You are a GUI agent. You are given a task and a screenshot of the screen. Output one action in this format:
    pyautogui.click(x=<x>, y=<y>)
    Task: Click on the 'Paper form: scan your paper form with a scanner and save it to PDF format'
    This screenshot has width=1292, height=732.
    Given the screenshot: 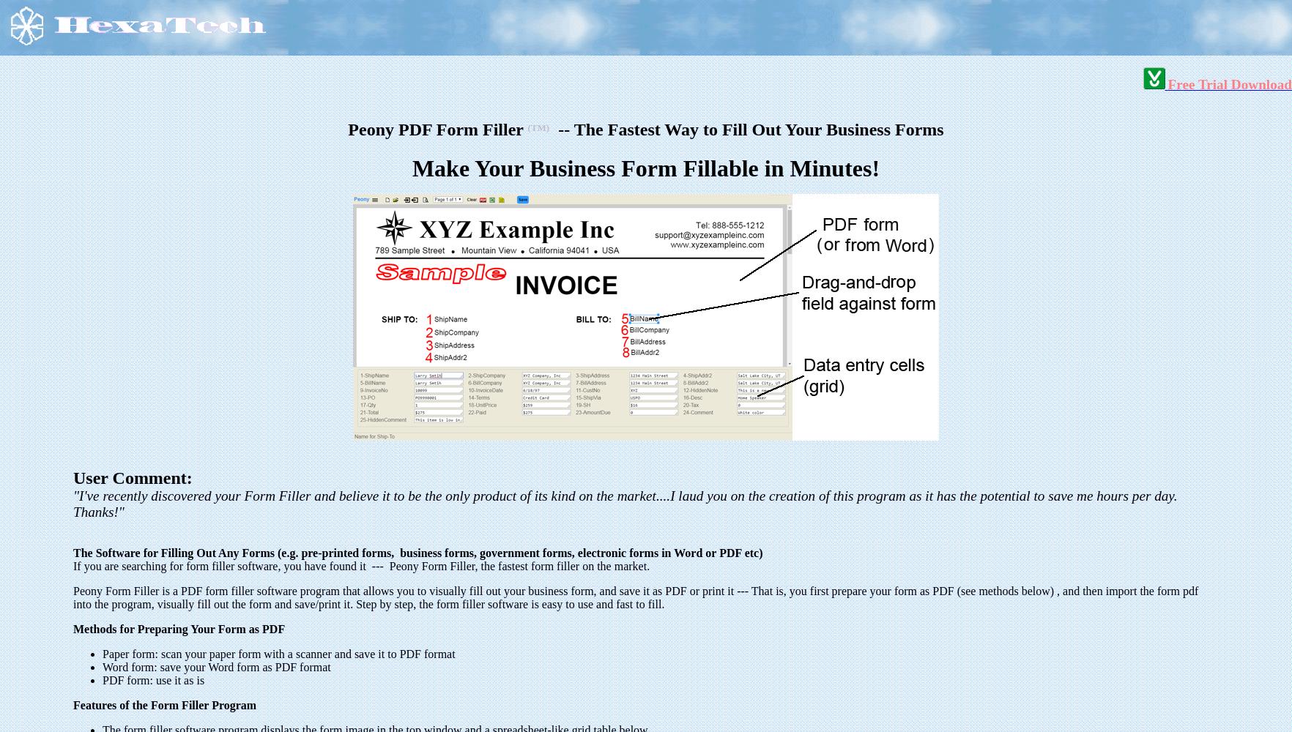 What is the action you would take?
    pyautogui.click(x=278, y=654)
    